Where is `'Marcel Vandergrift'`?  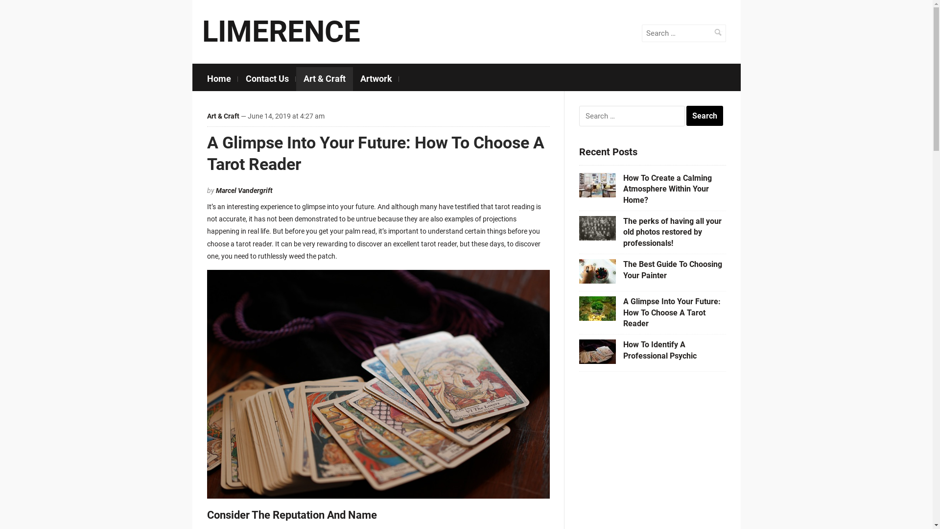 'Marcel Vandergrift' is located at coordinates (244, 191).